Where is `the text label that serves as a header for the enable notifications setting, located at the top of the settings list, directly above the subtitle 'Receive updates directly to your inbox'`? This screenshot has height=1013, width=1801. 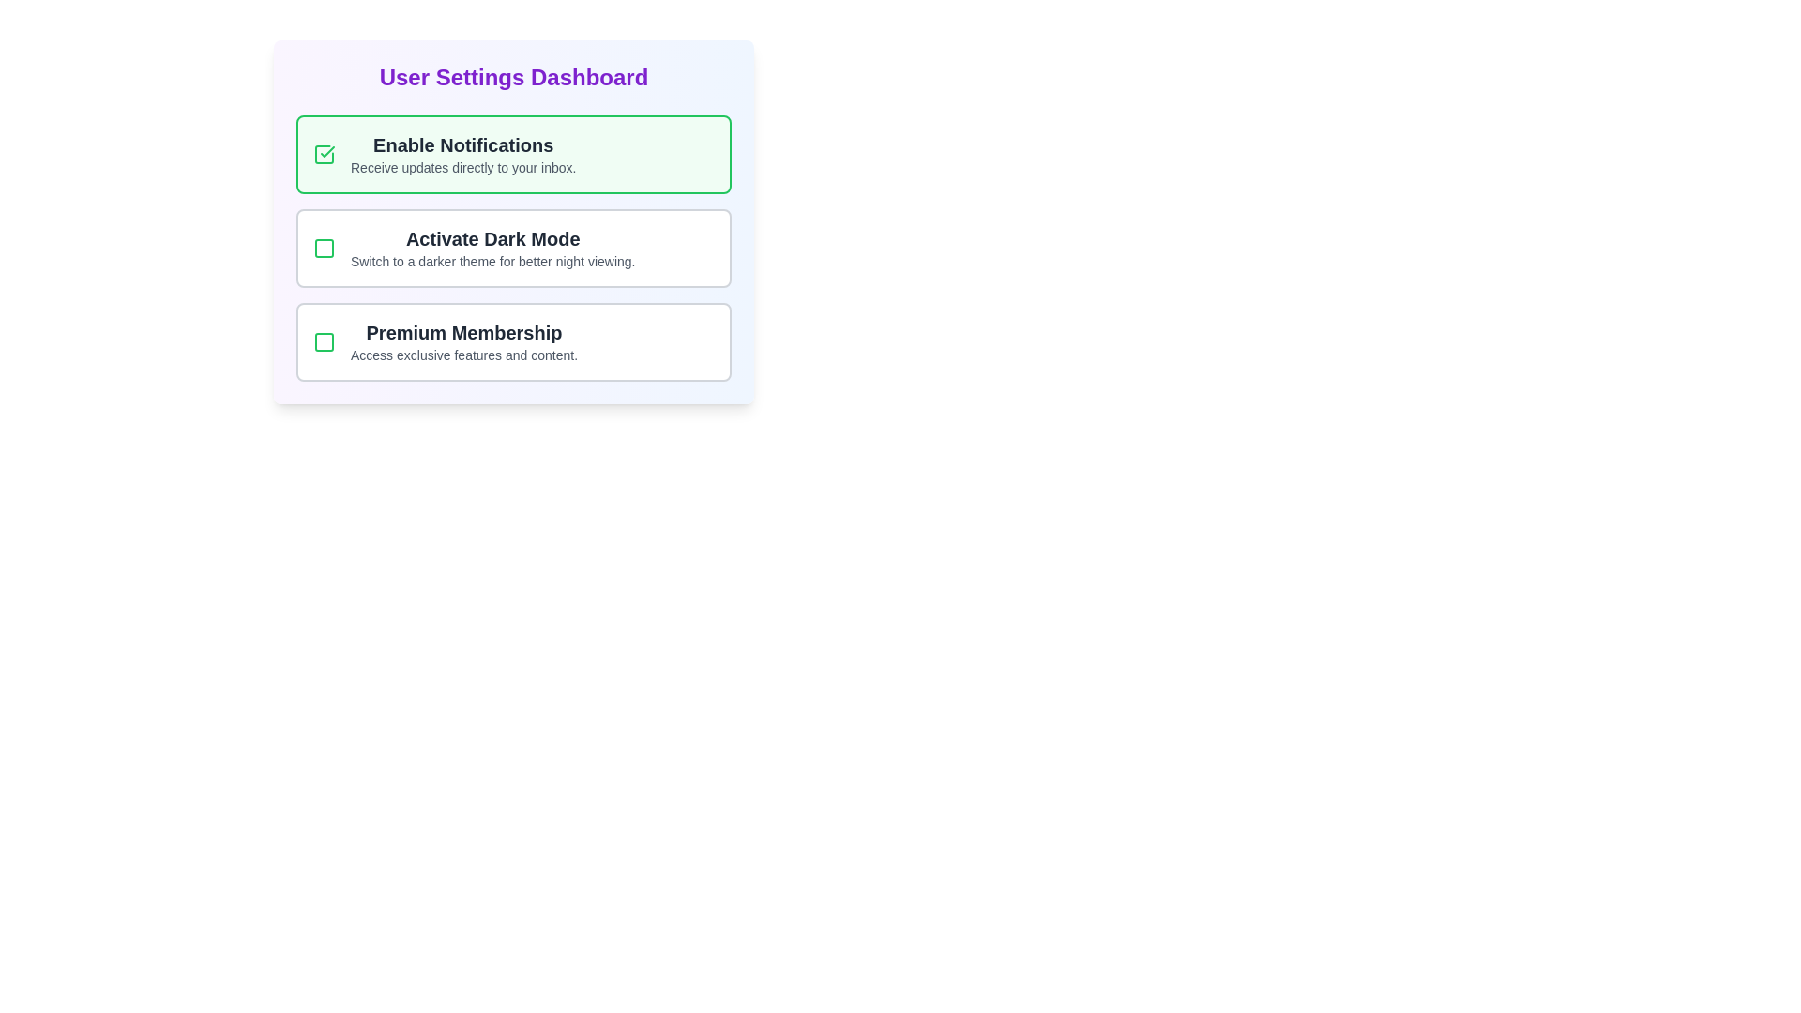 the text label that serves as a header for the enable notifications setting, located at the top of the settings list, directly above the subtitle 'Receive updates directly to your inbox' is located at coordinates (463, 144).